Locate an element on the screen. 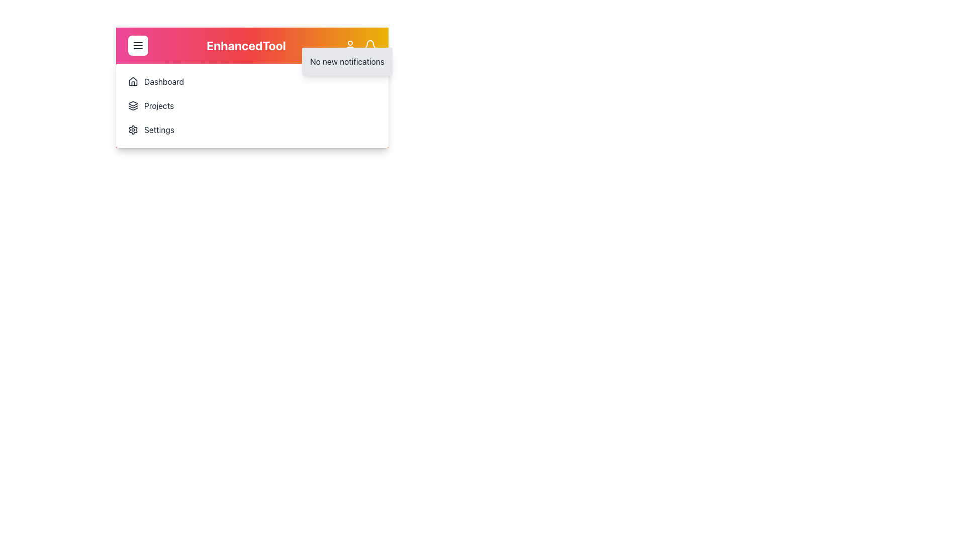 This screenshot has width=965, height=542. the 'Settings' text label located in the vertical navigation menu on the left side of the interface is located at coordinates (158, 129).